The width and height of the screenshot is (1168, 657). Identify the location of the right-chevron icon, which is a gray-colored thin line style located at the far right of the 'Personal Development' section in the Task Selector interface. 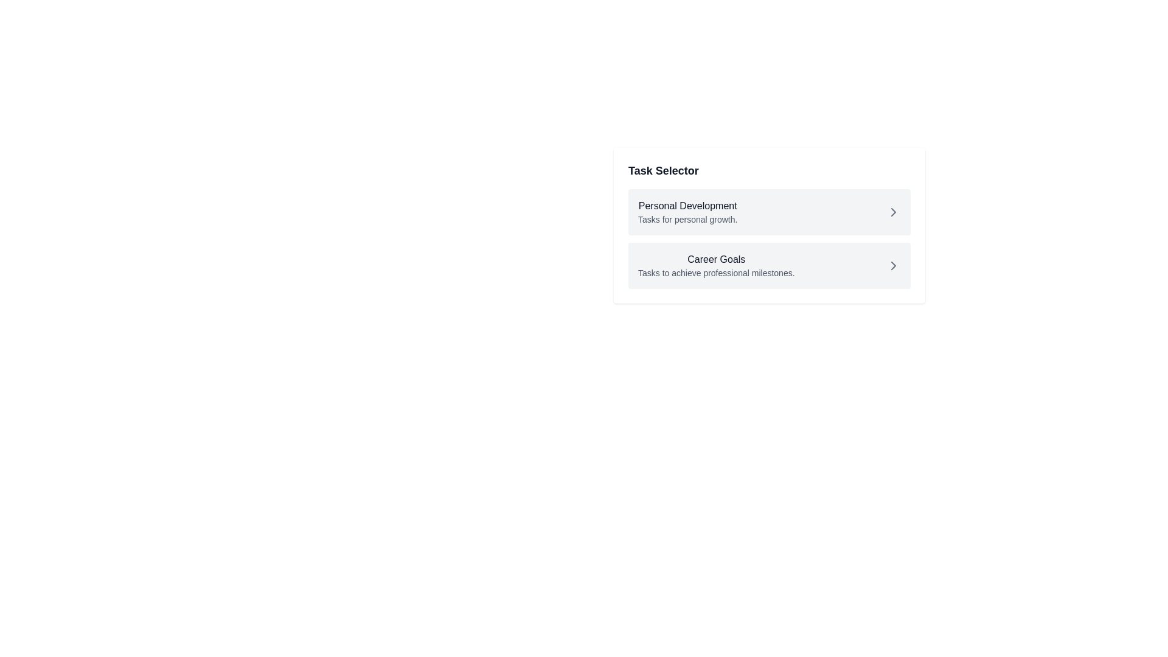
(893, 211).